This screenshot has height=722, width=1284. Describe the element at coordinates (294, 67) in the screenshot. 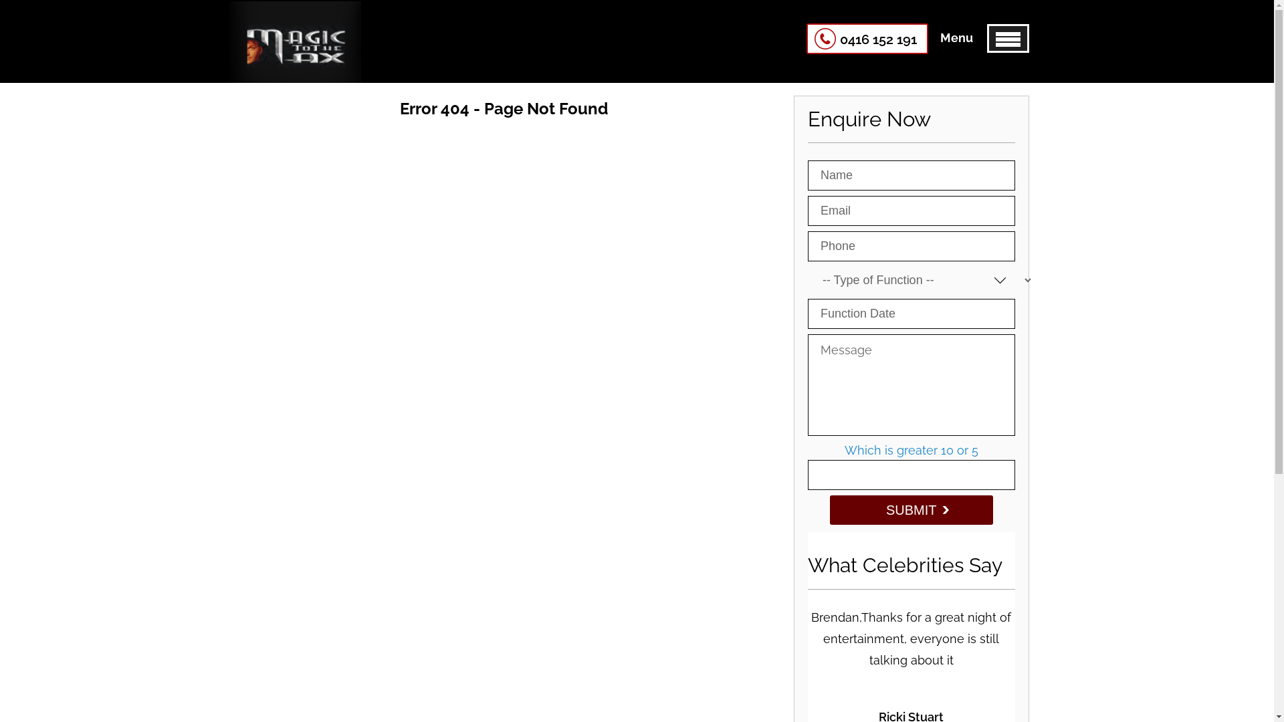

I see `'Magician Sydney'` at that location.